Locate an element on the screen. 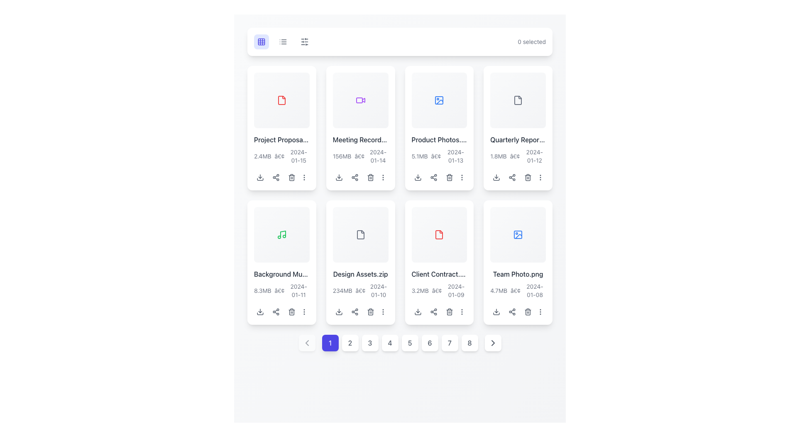 This screenshot has height=448, width=797. SVG structure of the trash bin icon located in the upper-right corner of the card in the third column of the first row of items is located at coordinates (449, 178).